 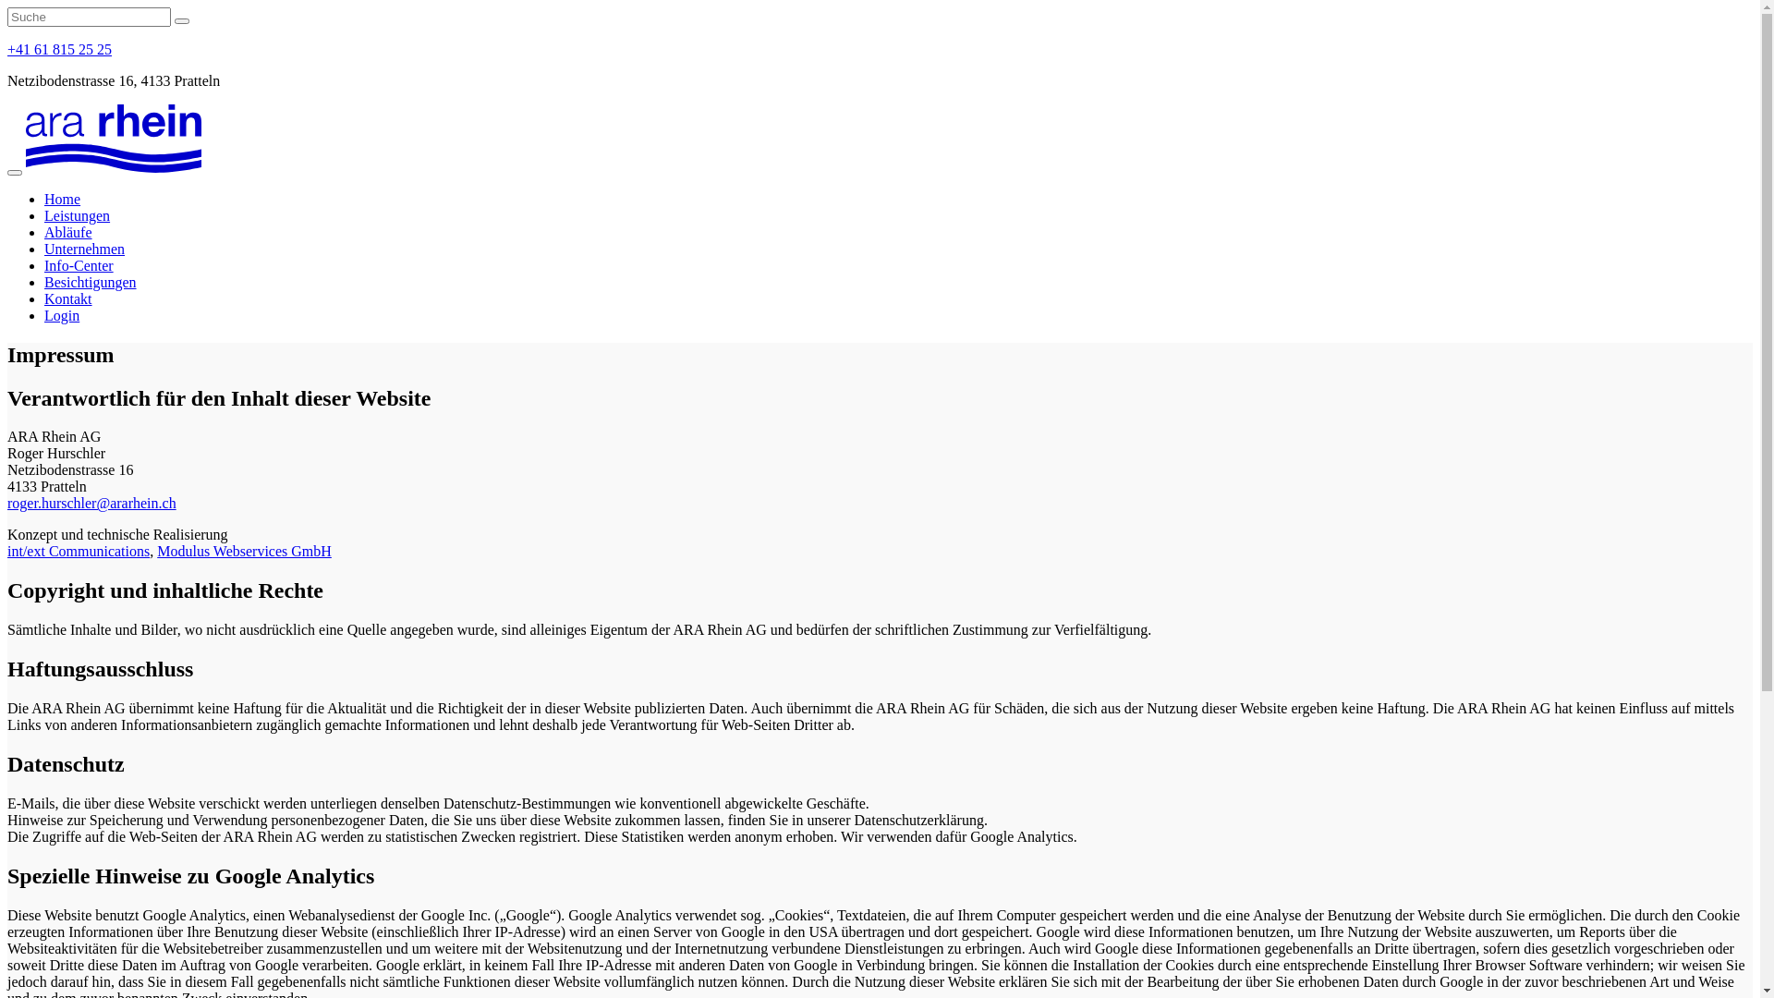 I want to click on 'Ara Rhein', so click(x=113, y=138).